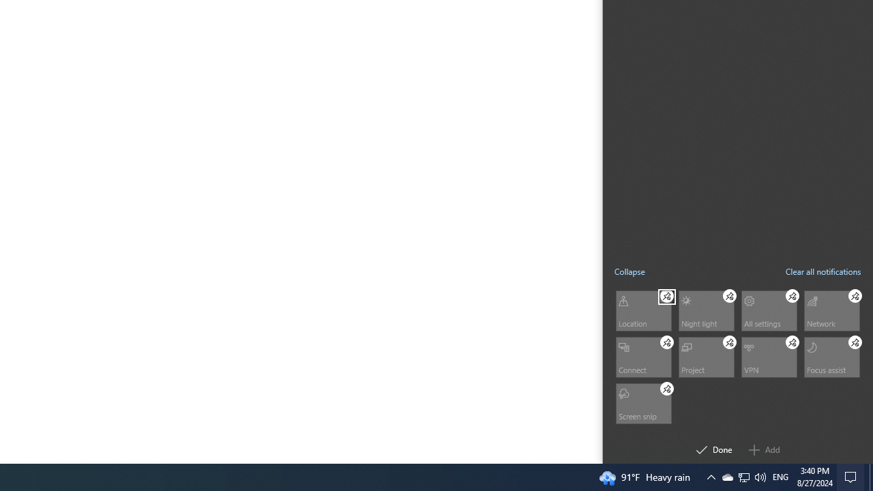 The image size is (873, 491). Describe the element at coordinates (642, 356) in the screenshot. I see `'Connect'` at that location.